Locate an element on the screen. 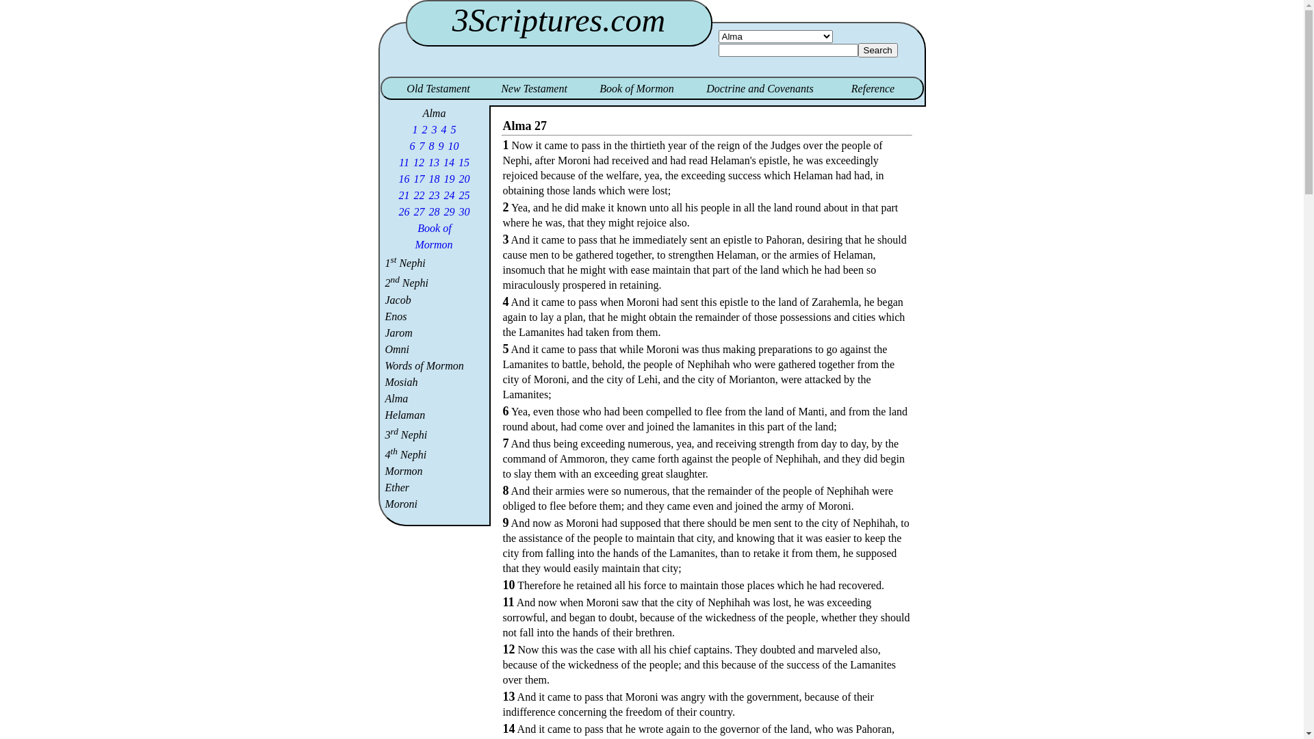  '6' is located at coordinates (412, 146).